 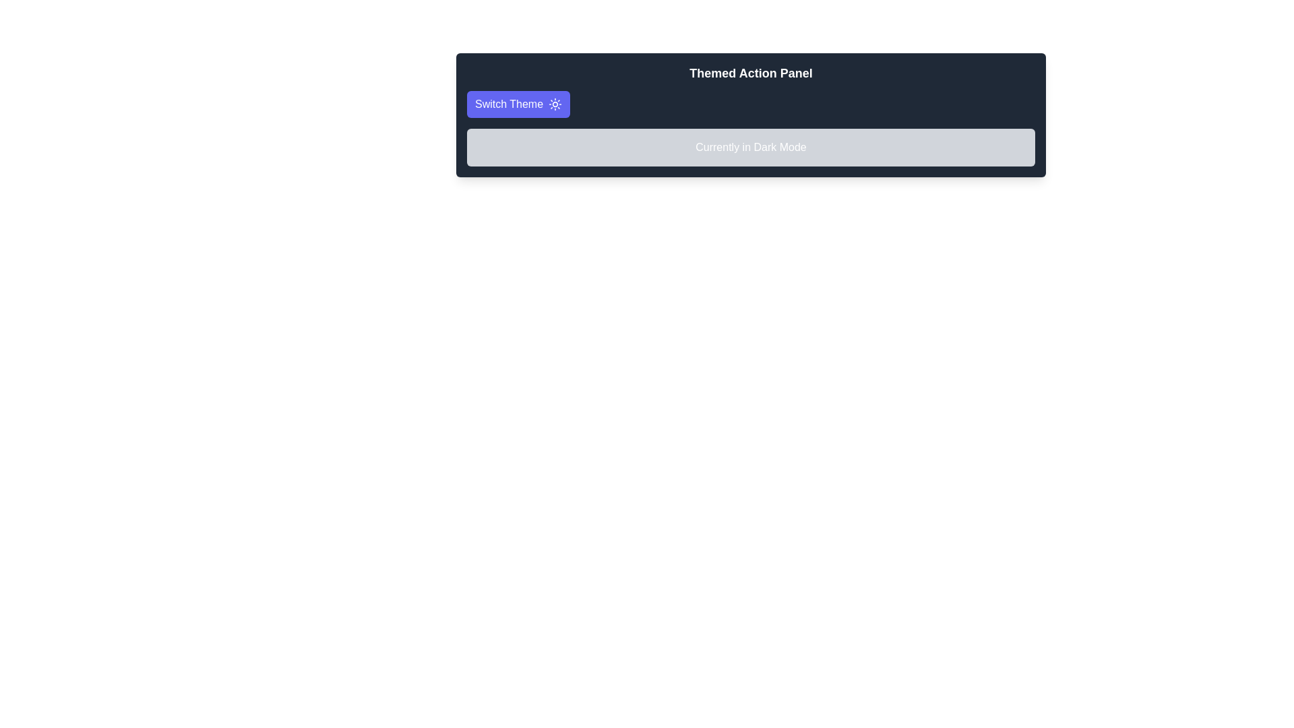 What do you see at coordinates (508, 103) in the screenshot?
I see `the 'Switch Theme' text label within the button located in the upper-left corner of the navigation bar` at bounding box center [508, 103].